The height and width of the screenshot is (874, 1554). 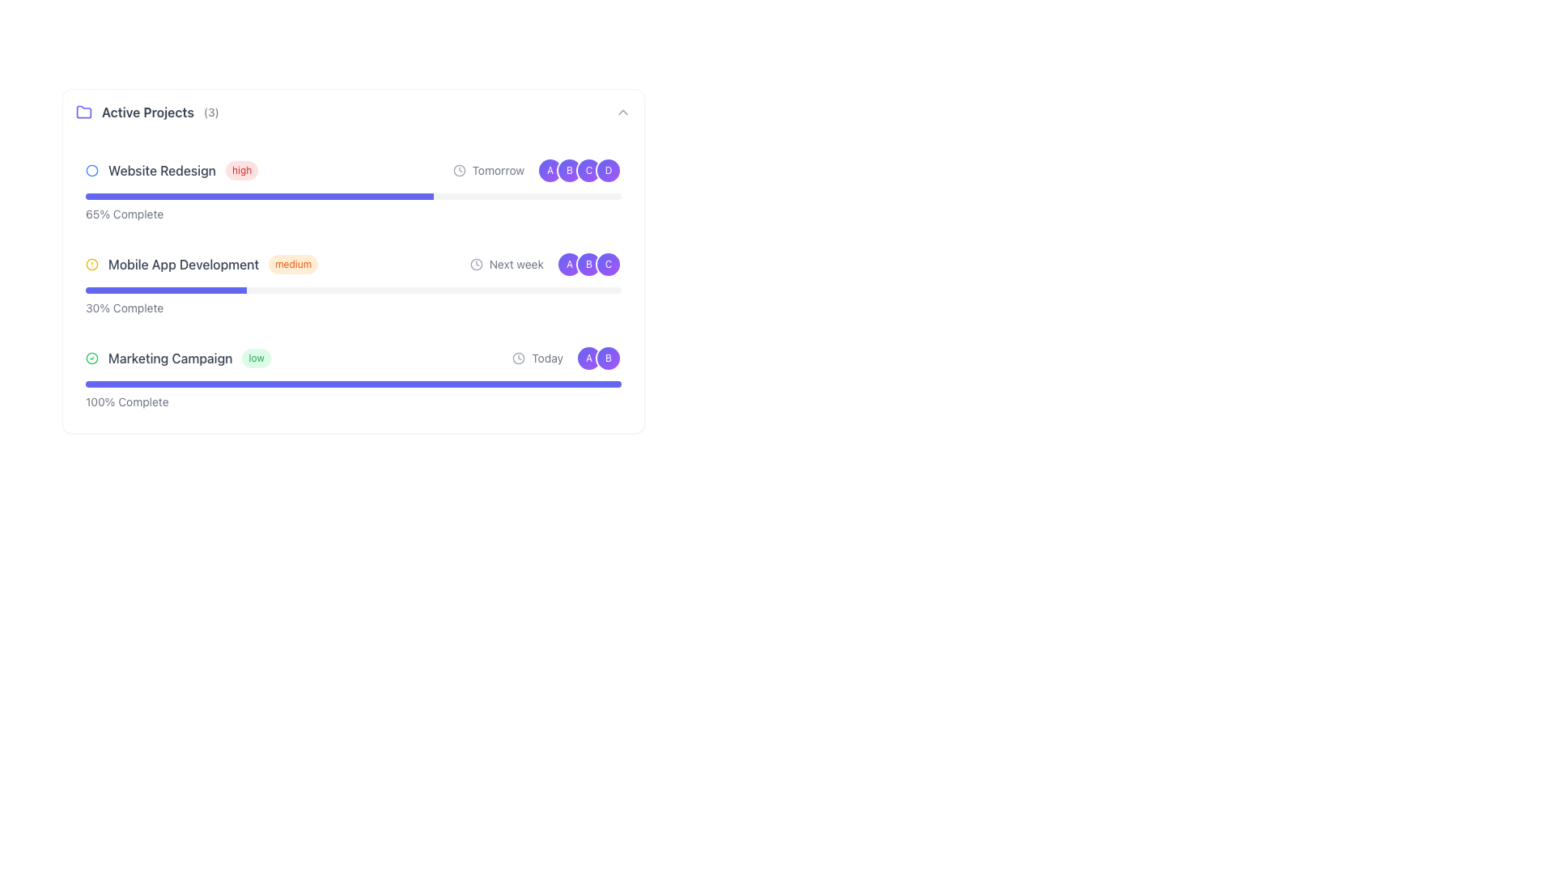 What do you see at coordinates (352, 384) in the screenshot?
I see `the progress bar located below the 'Marketing Campaign' section, which visually represents 100% completion` at bounding box center [352, 384].